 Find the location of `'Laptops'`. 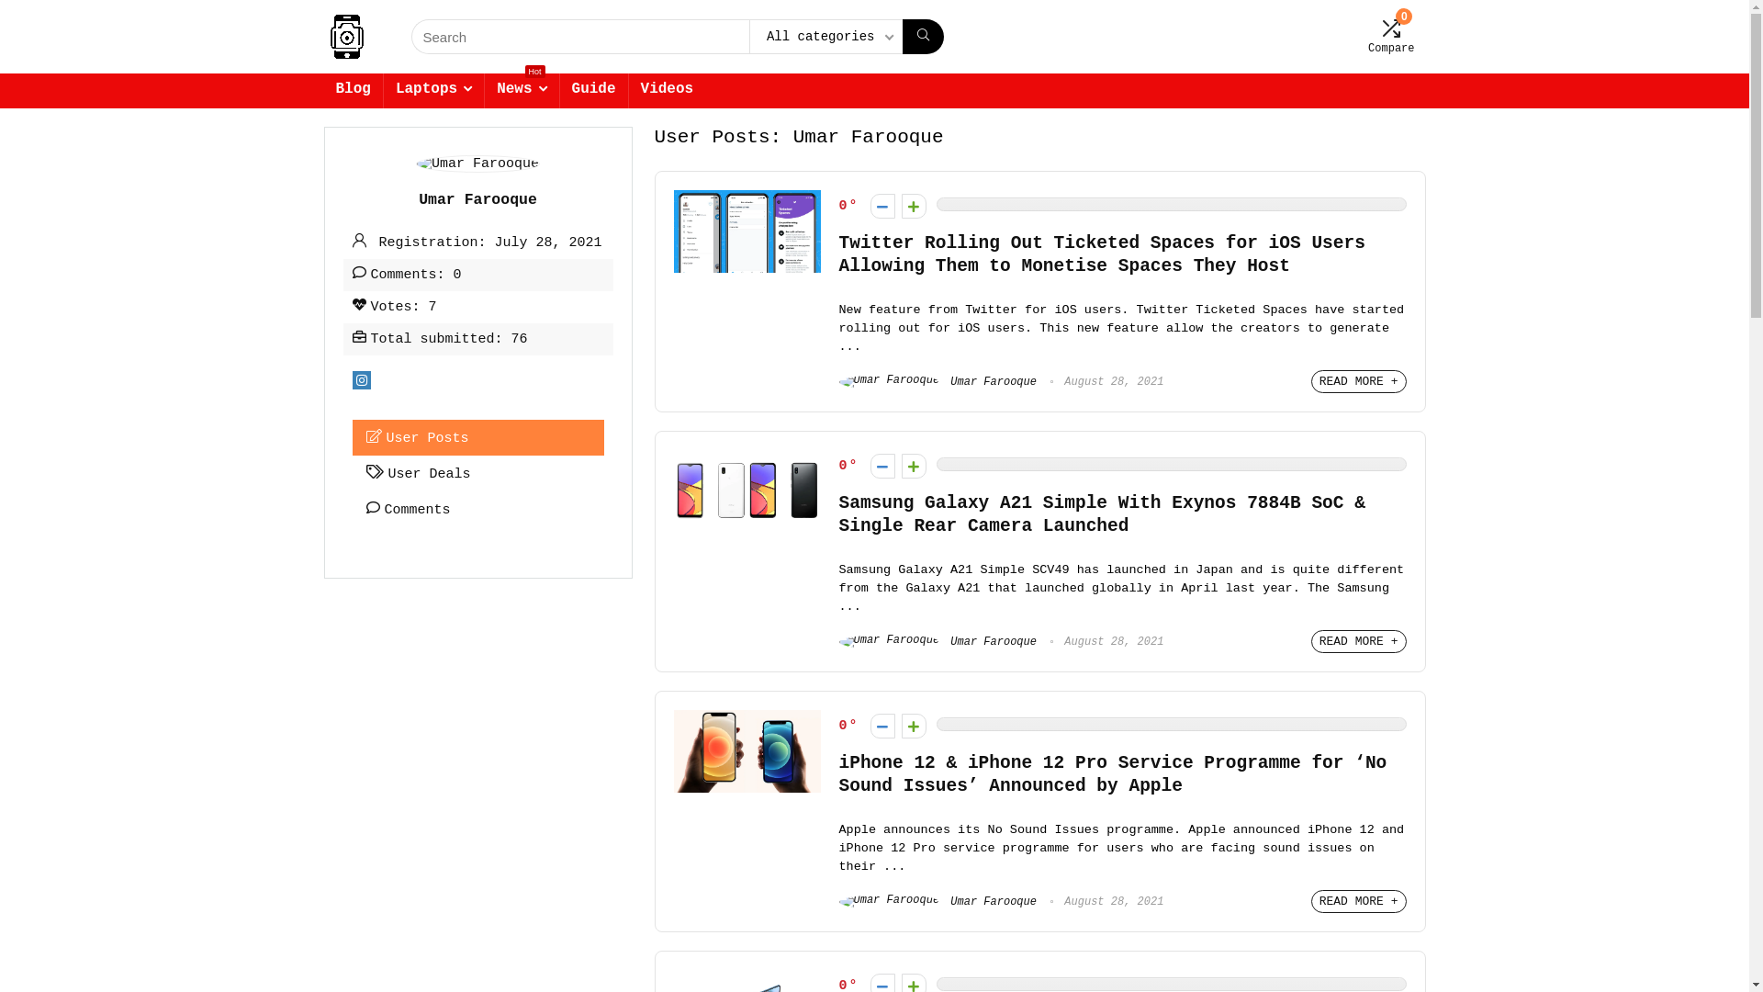

'Laptops' is located at coordinates (432, 91).